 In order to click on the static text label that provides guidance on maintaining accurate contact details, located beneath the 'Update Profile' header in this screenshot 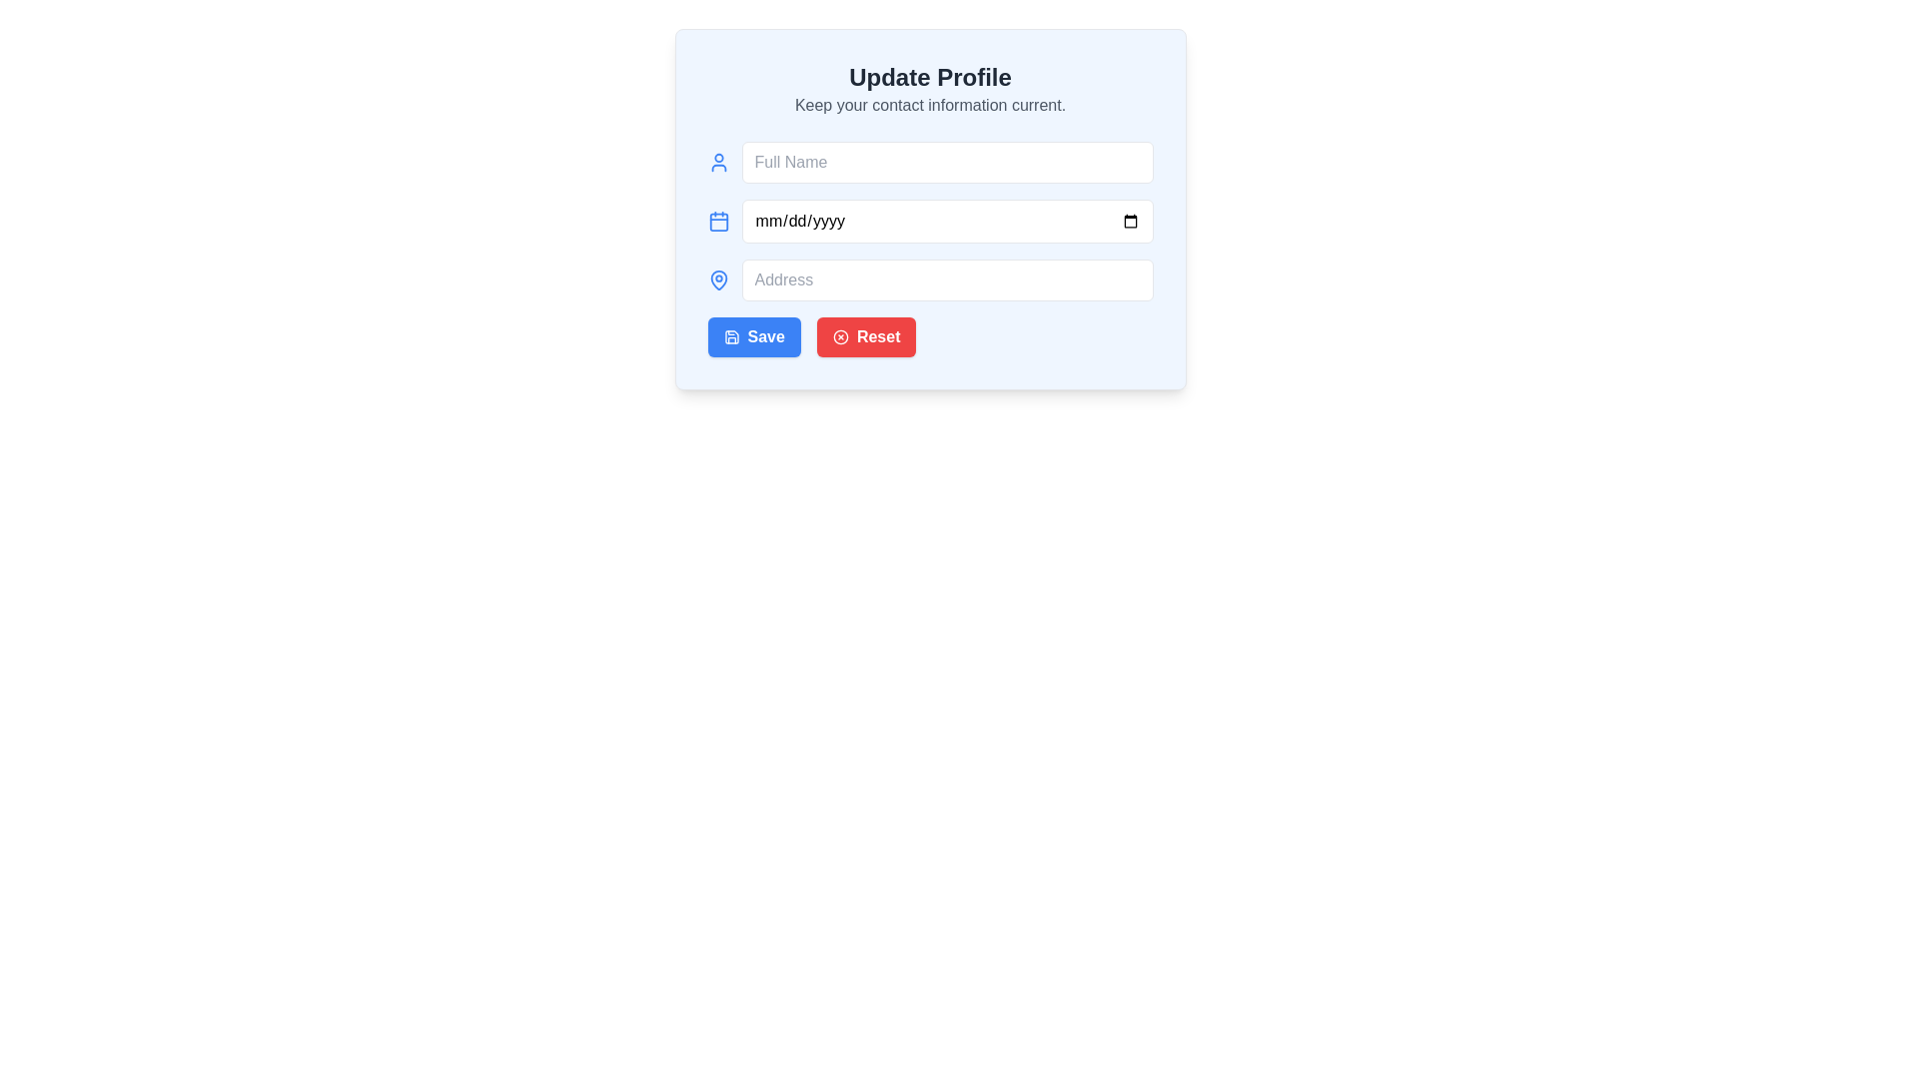, I will do `click(929, 105)`.